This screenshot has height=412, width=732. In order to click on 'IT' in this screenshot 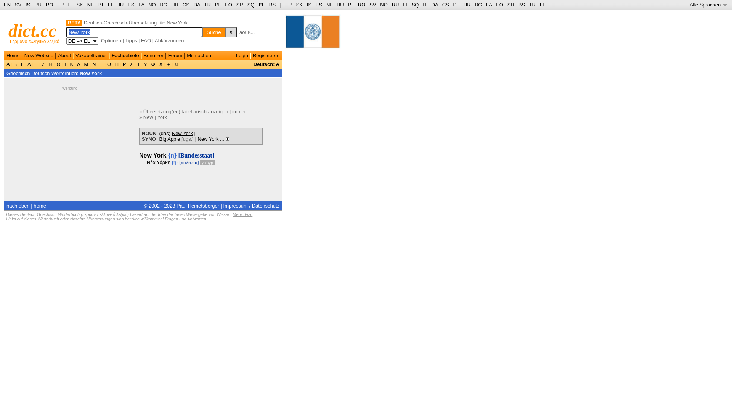, I will do `click(424, 5)`.